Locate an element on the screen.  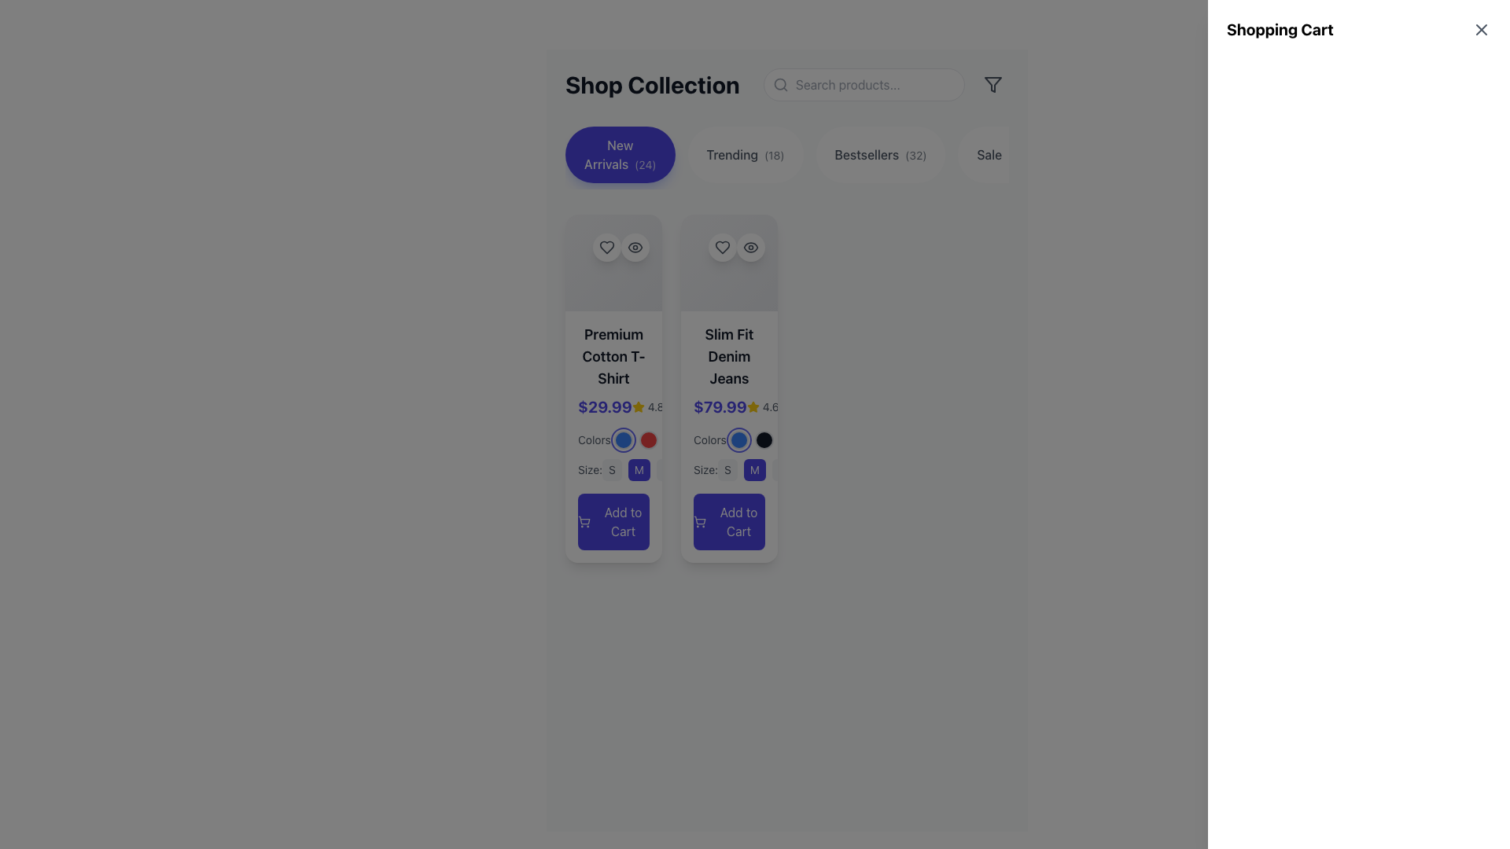
the numeric text label reading '4.8', which is styled in a small font size and gray color, located next to a yellow star icon, indicating a rating component within a product card is located at coordinates (656, 406).